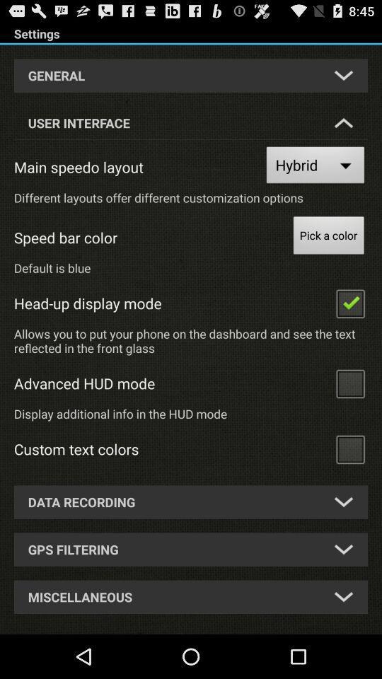  Describe the element at coordinates (328, 237) in the screenshot. I see `the pick a color` at that location.